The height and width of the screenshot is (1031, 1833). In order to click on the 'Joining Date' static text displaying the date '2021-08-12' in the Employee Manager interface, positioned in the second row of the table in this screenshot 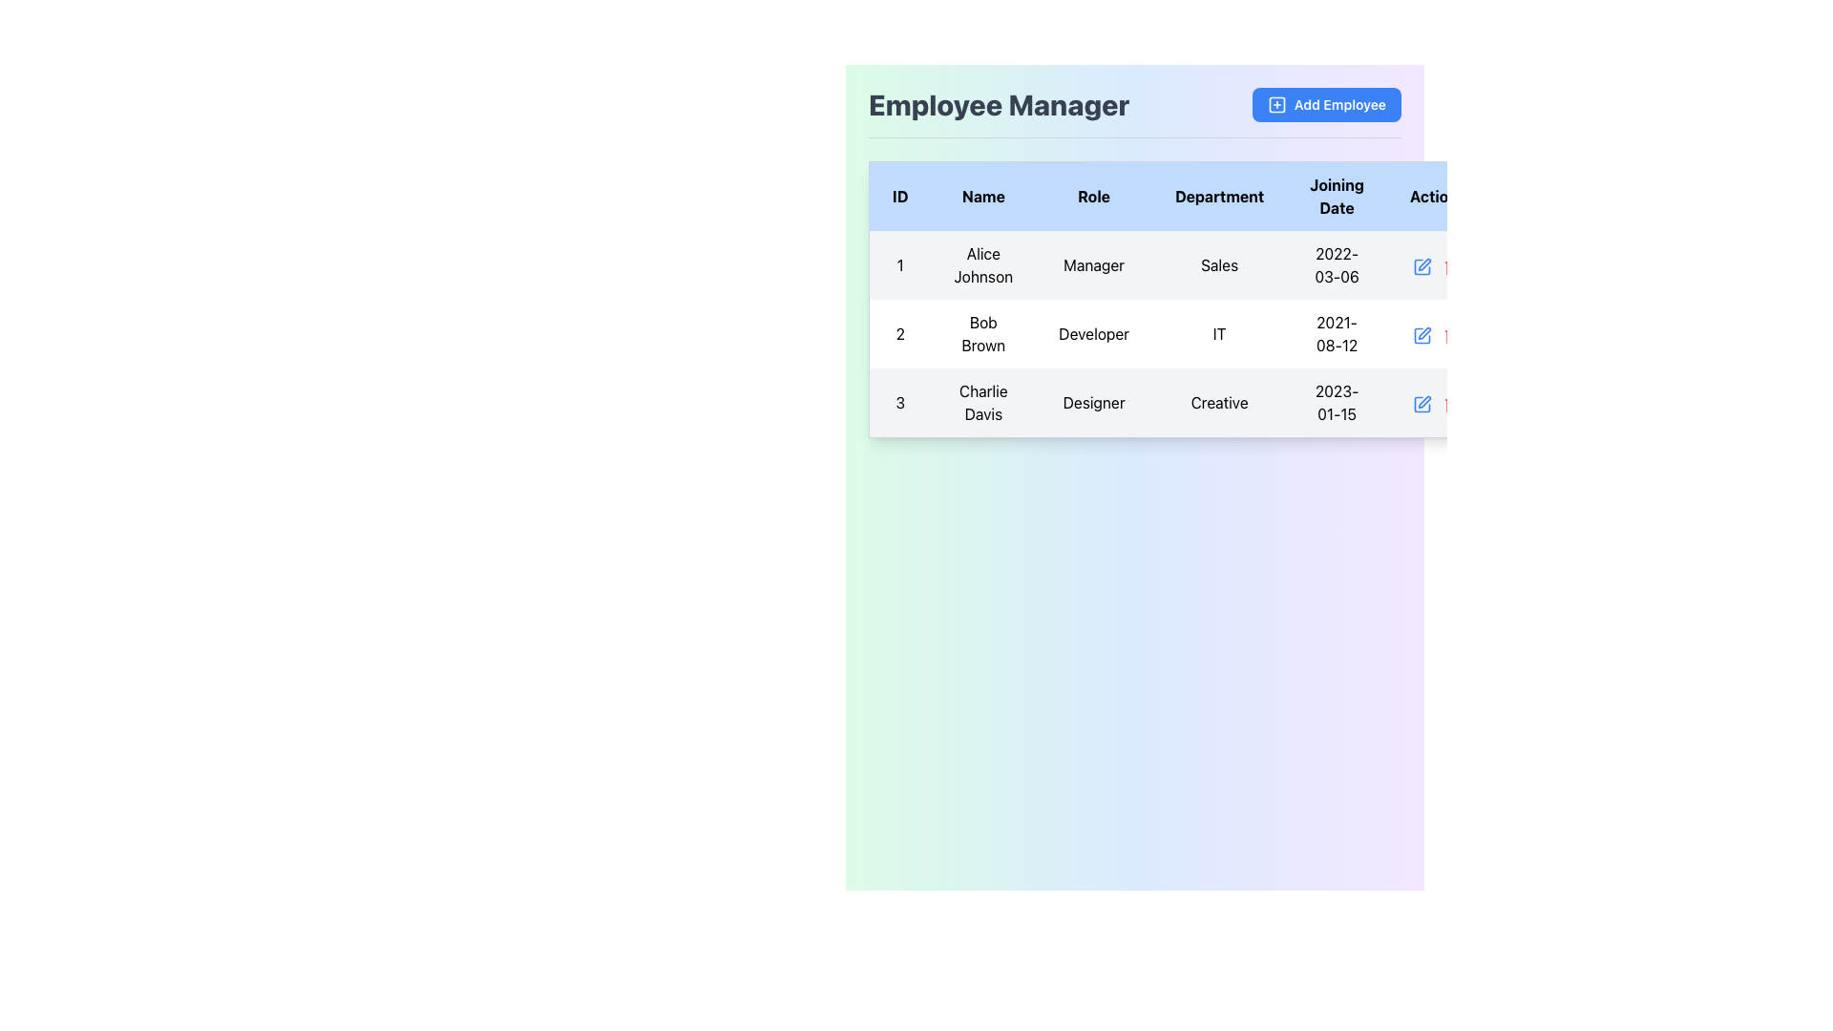, I will do `click(1336, 333)`.